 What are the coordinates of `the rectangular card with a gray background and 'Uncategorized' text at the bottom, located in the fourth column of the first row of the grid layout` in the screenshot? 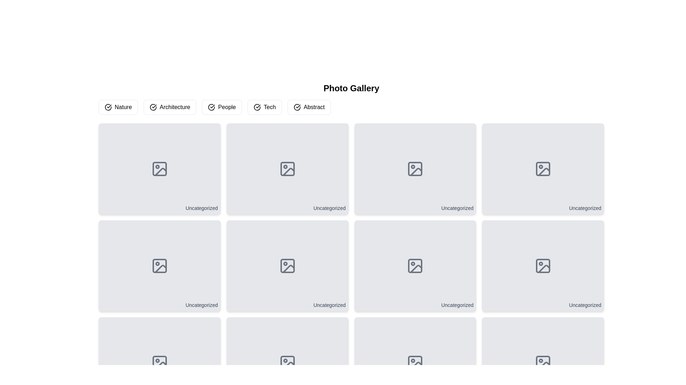 It's located at (543, 169).